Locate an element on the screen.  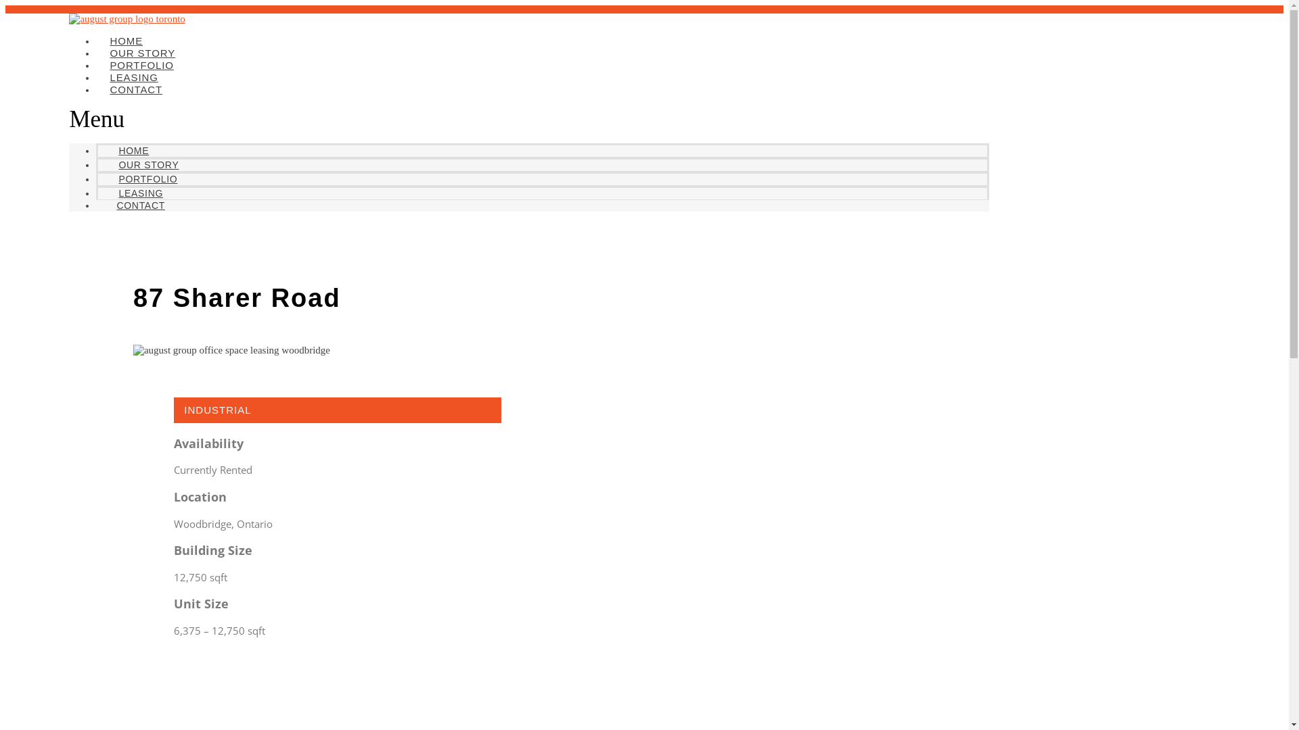
'CONTACT' is located at coordinates (140, 205).